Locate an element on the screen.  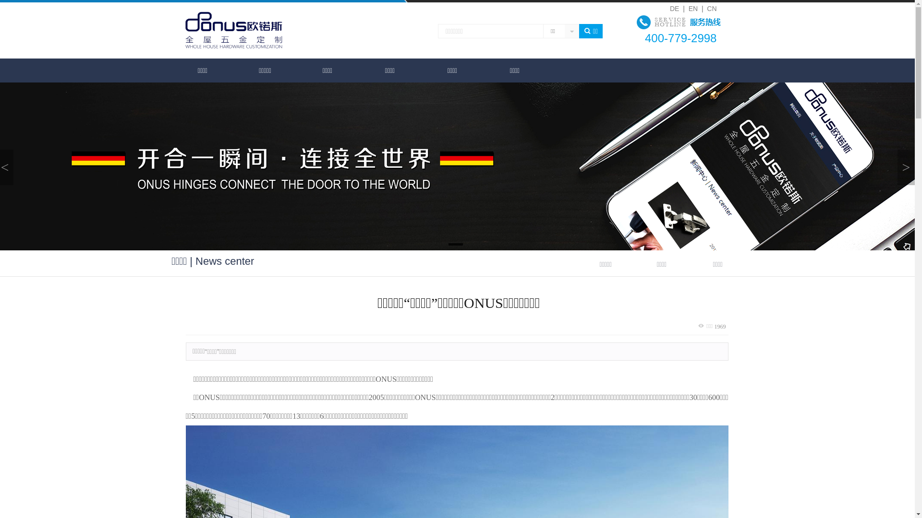
'DE ' is located at coordinates (675, 9).